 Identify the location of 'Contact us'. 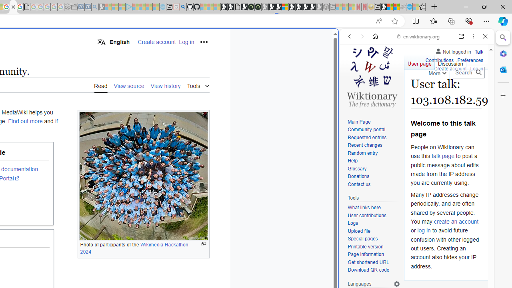
(358, 184).